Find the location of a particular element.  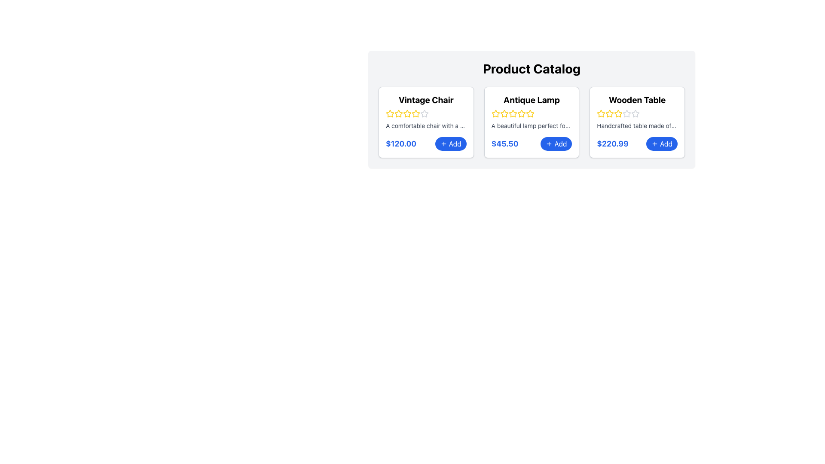

header text 'Wooden Table' displayed in a bold and large font at the top-center of the product card layout is located at coordinates (637, 99).